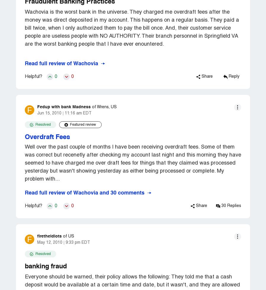 The width and height of the screenshot is (266, 290). What do you see at coordinates (66, 122) in the screenshot?
I see `'Litfad'` at bounding box center [66, 122].